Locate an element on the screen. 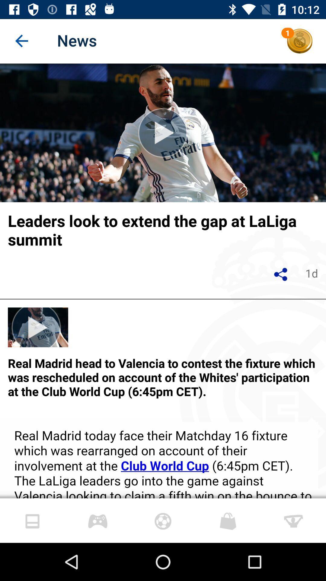 This screenshot has width=326, height=581. the share icon is located at coordinates (281, 274).